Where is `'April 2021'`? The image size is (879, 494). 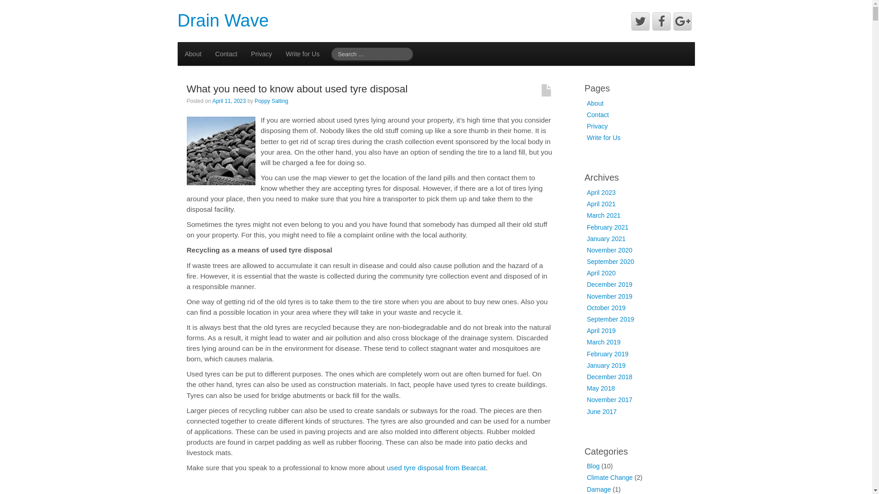 'April 2021' is located at coordinates (601, 204).